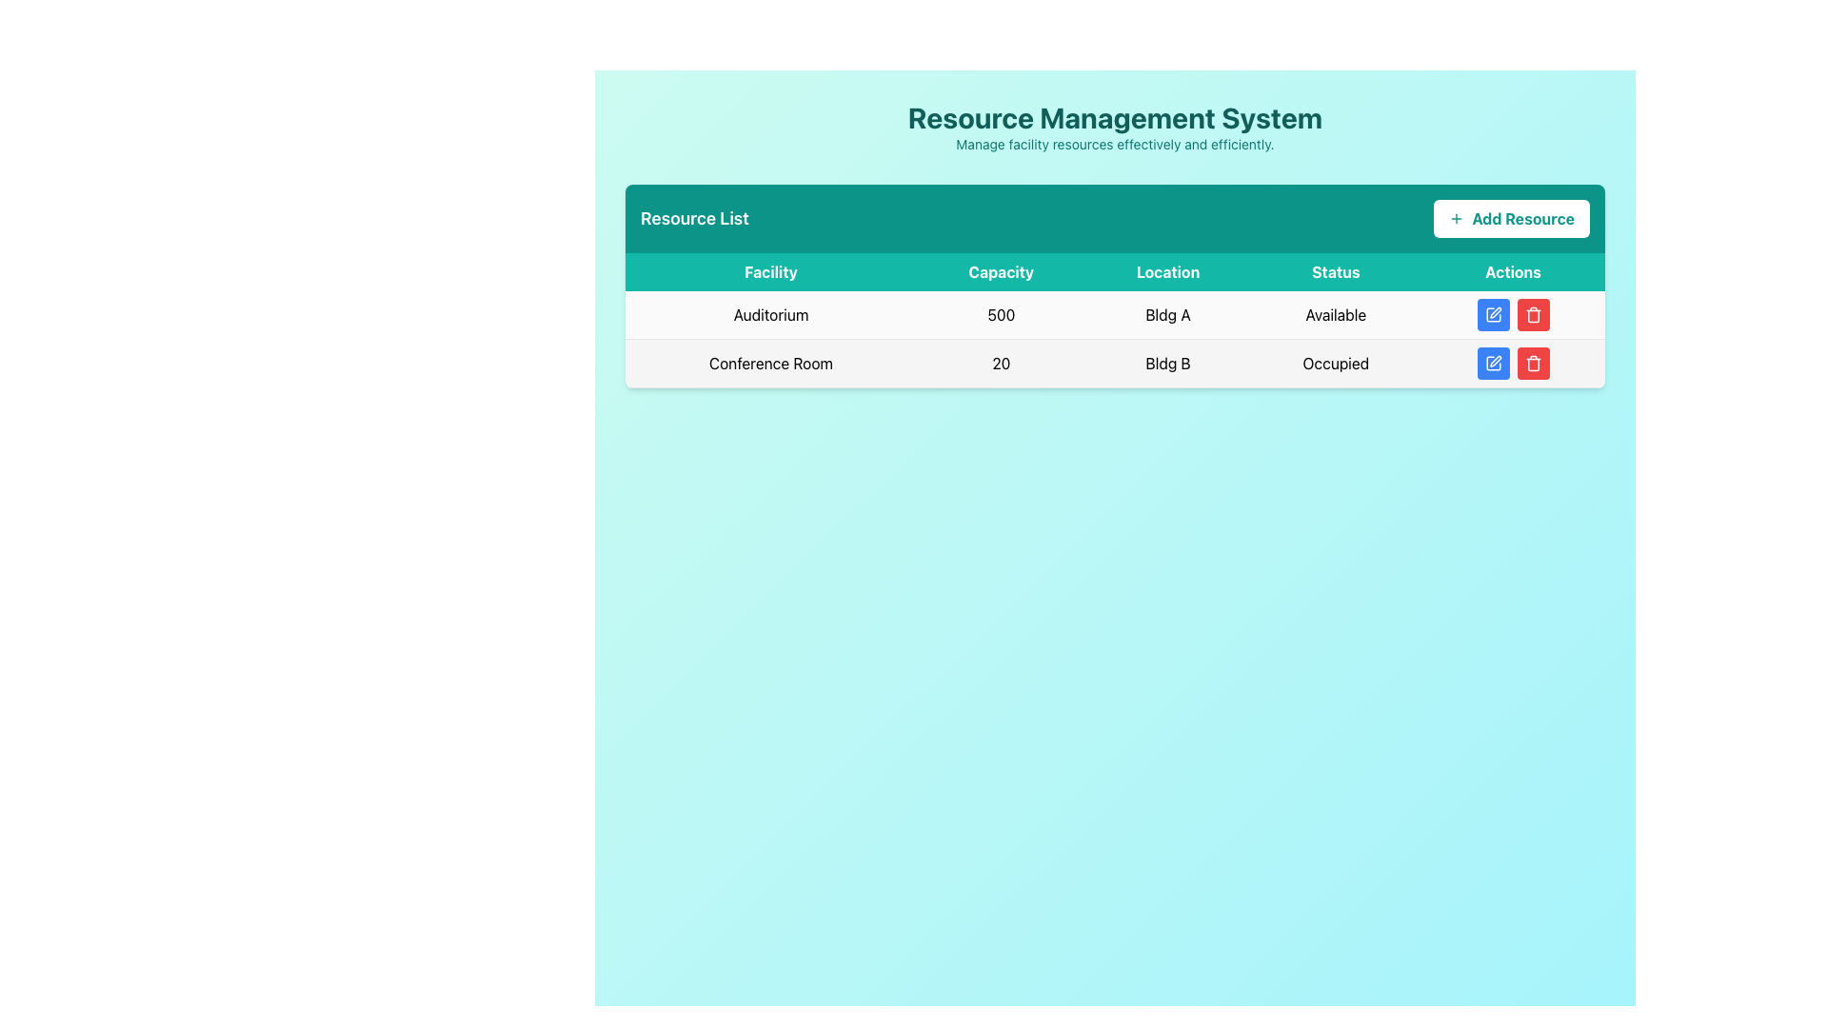 This screenshot has width=1828, height=1028. What do you see at coordinates (1492, 314) in the screenshot?
I see `the blue 'Edit' button with a pencil icon located in the 'Actions' column of the second row of the resource management table to trigger its hover effects` at bounding box center [1492, 314].